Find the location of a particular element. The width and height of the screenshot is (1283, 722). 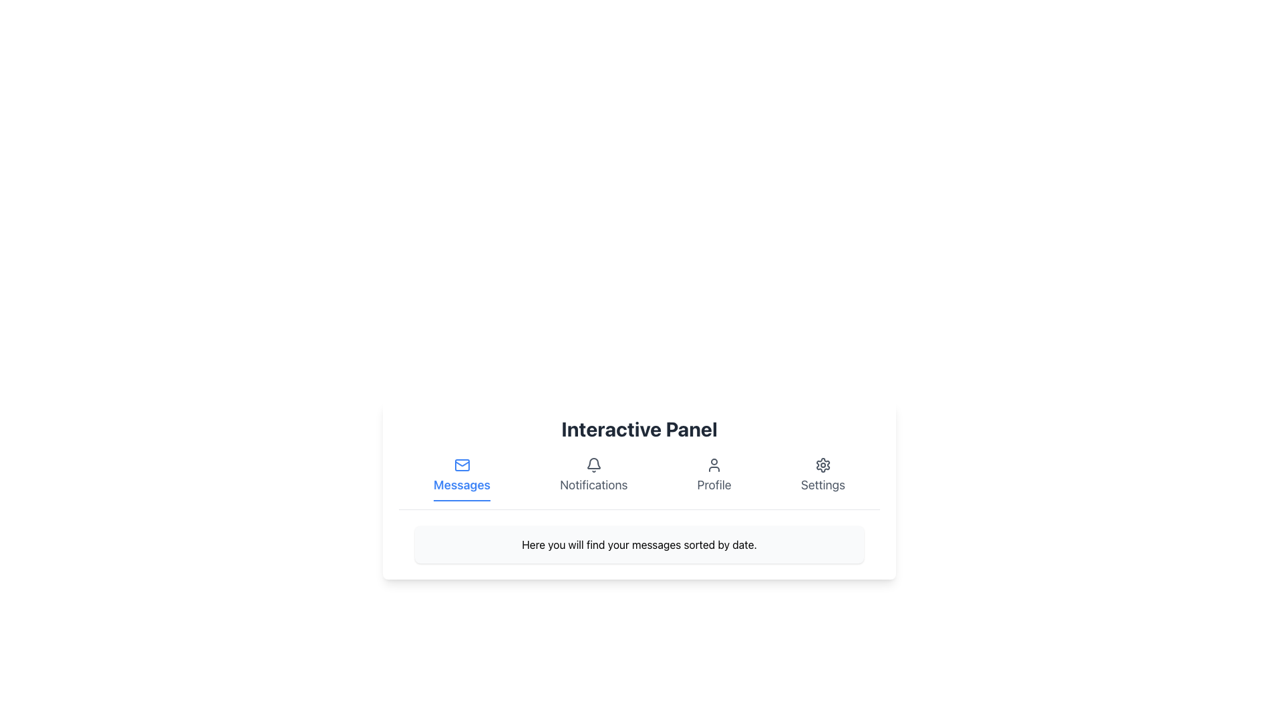

the 'Notifications' button, which is a vertically centered button with a bell-shaped icon and gray styling, located between the 'Messages' and 'Profile' buttons in the horizontal menu bar below the 'Interactive Panel' header is located at coordinates (593, 479).